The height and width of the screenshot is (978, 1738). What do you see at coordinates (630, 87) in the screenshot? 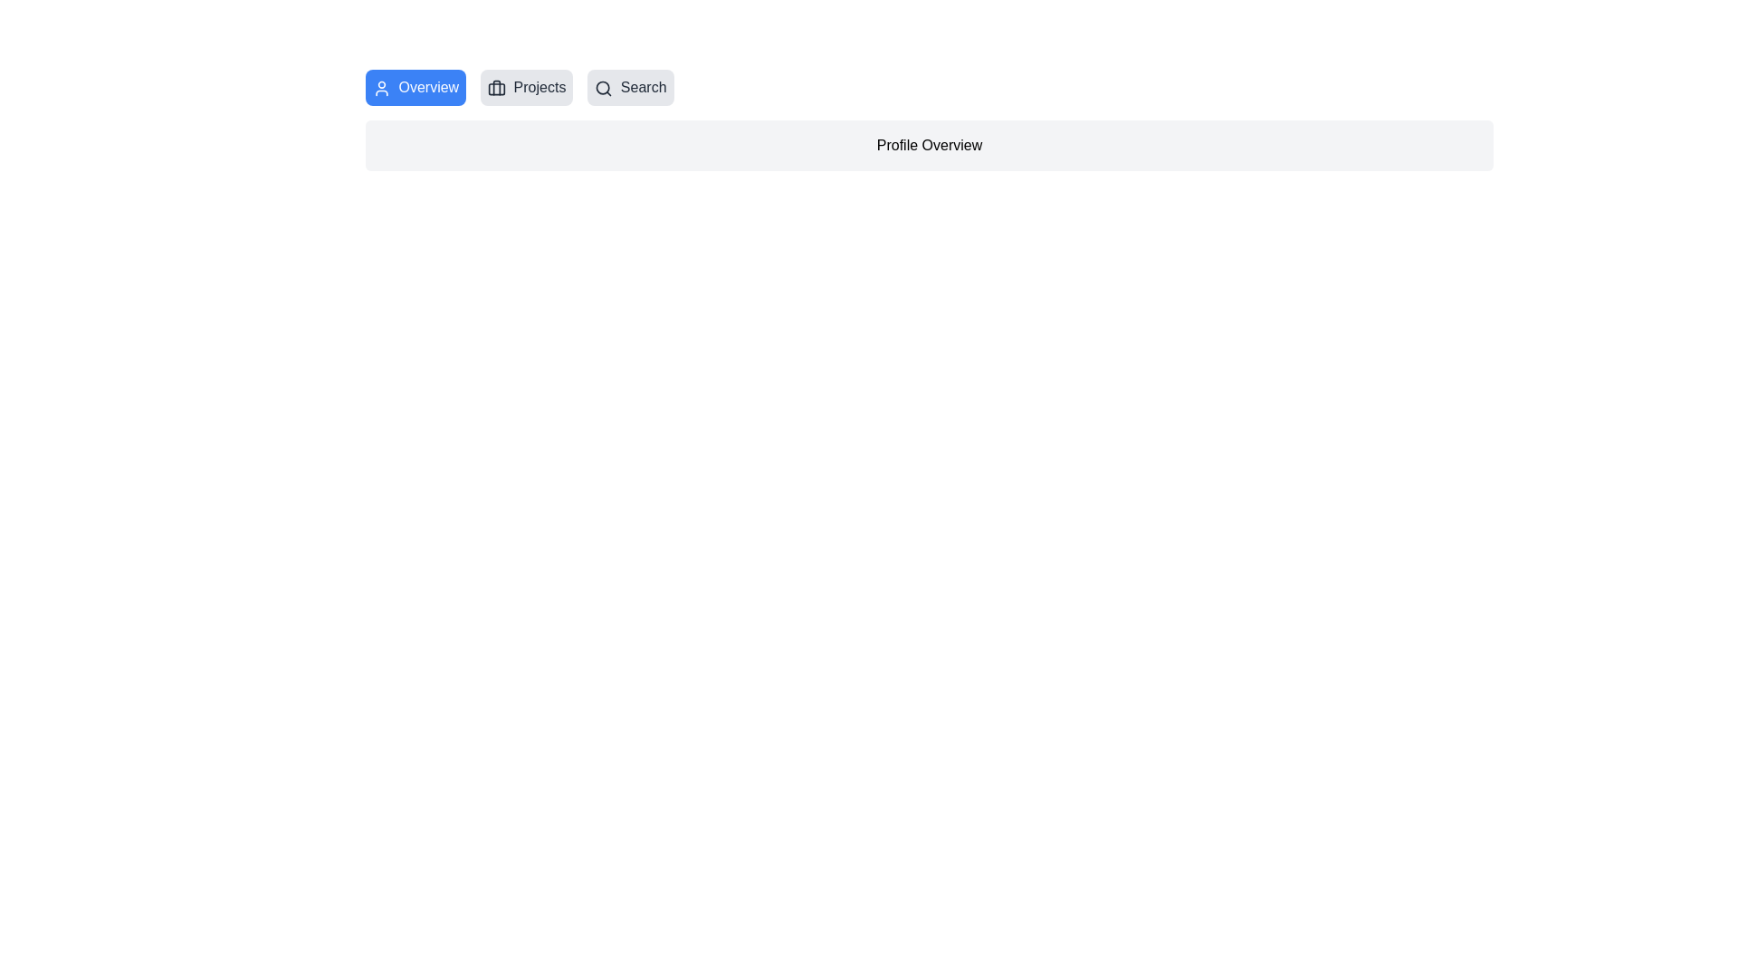
I see `the tab labeled Search to observe its hover effect` at bounding box center [630, 87].